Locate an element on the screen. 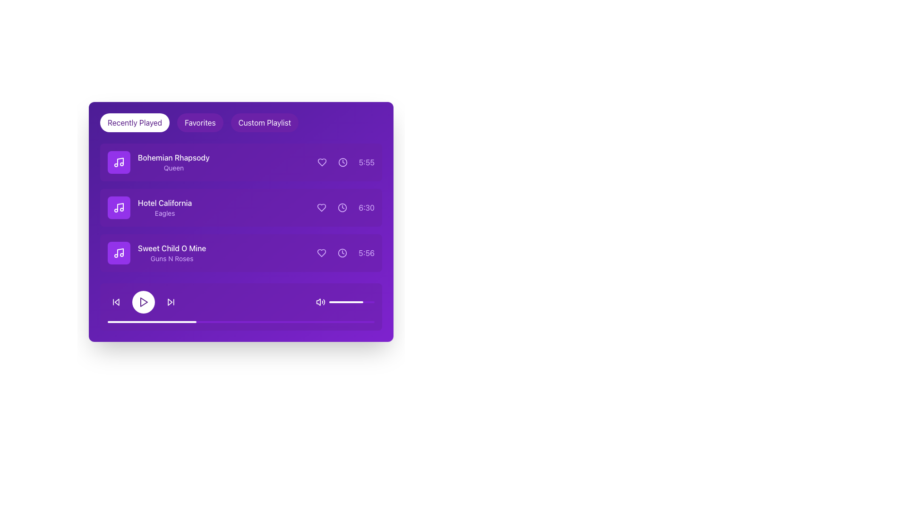  the next track button in the media player control panel is located at coordinates (171, 302).